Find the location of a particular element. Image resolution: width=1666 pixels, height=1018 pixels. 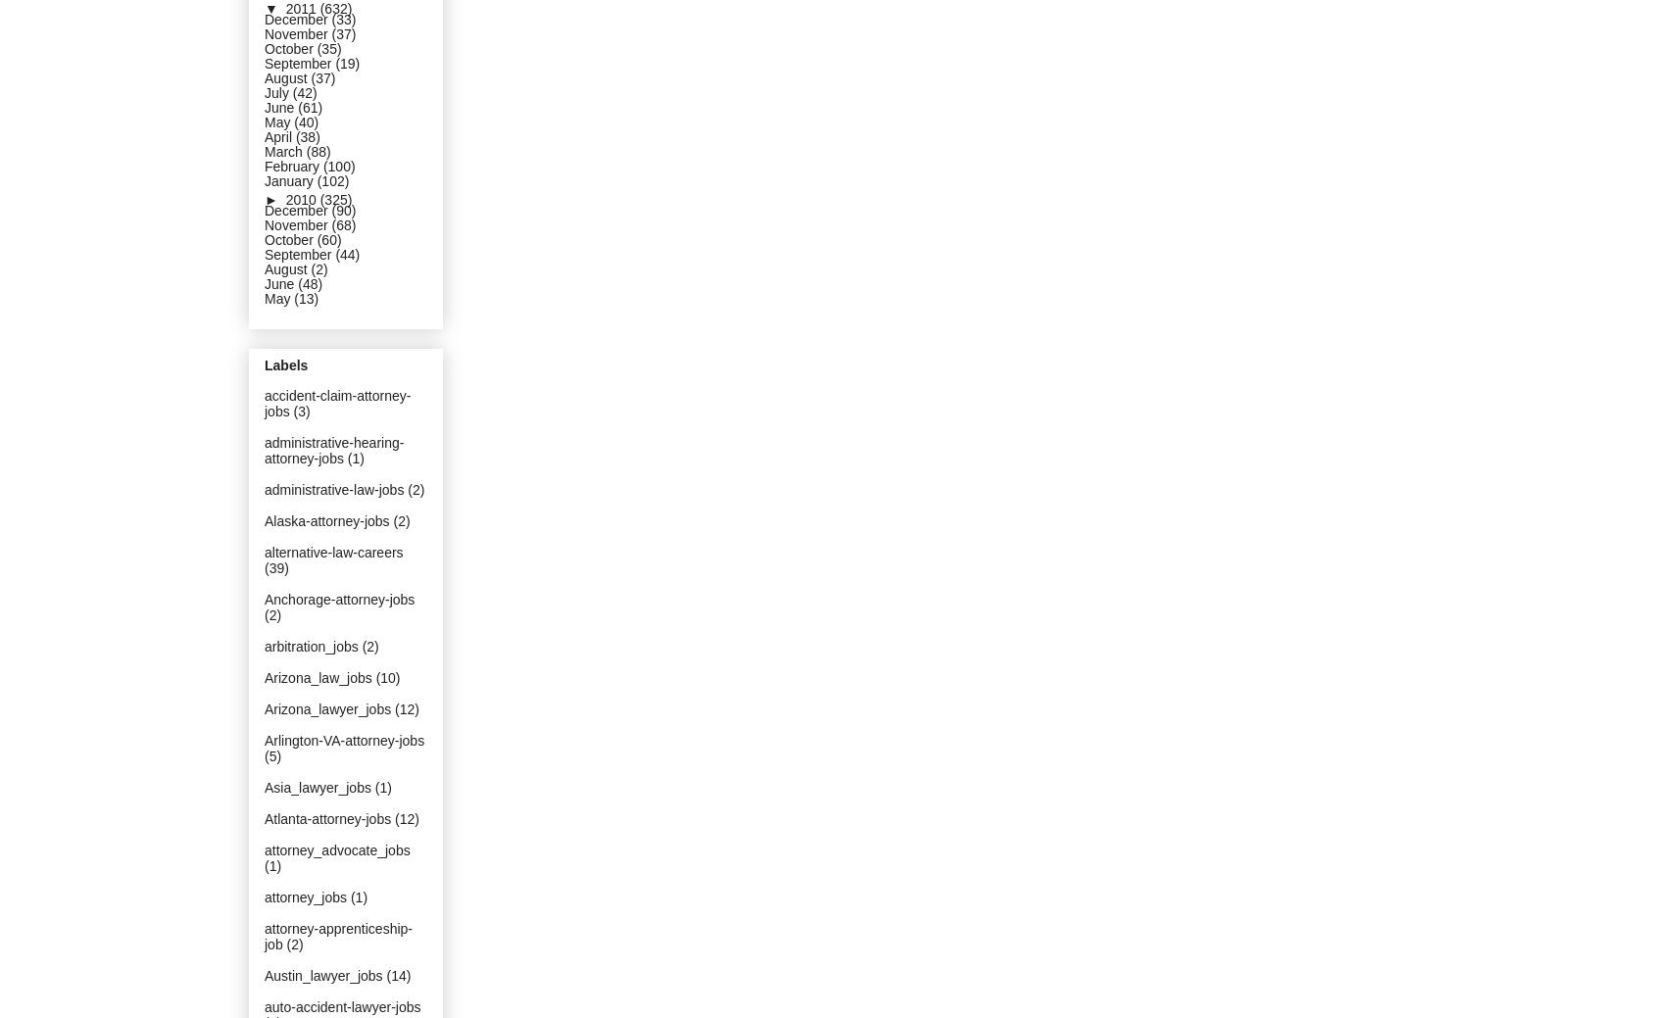

'(14)' is located at coordinates (397, 975).